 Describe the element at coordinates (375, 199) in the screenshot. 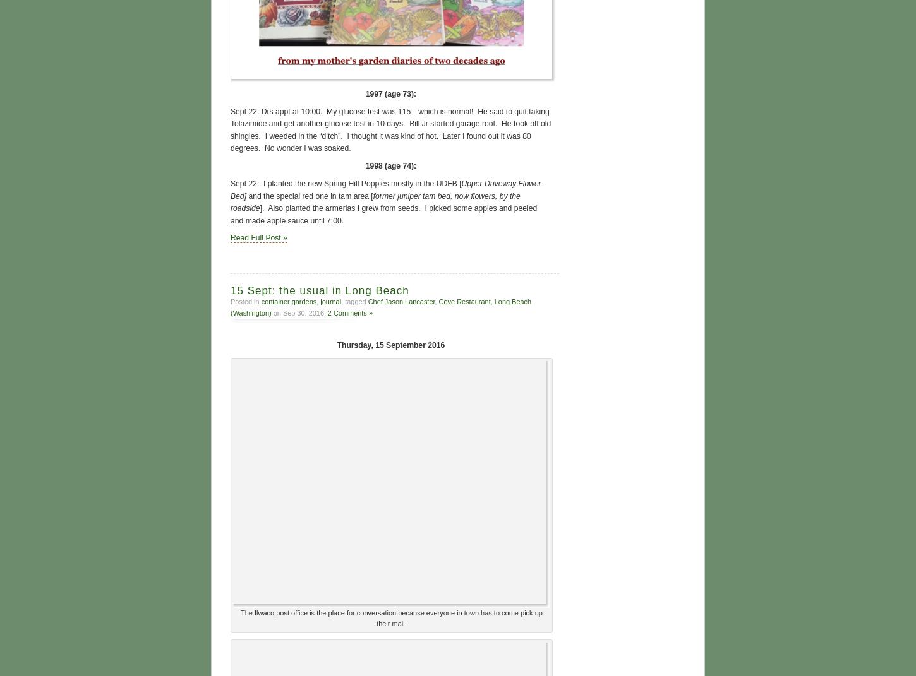

I see `'former juniper tam bed, now flowers, by the roadside'` at that location.